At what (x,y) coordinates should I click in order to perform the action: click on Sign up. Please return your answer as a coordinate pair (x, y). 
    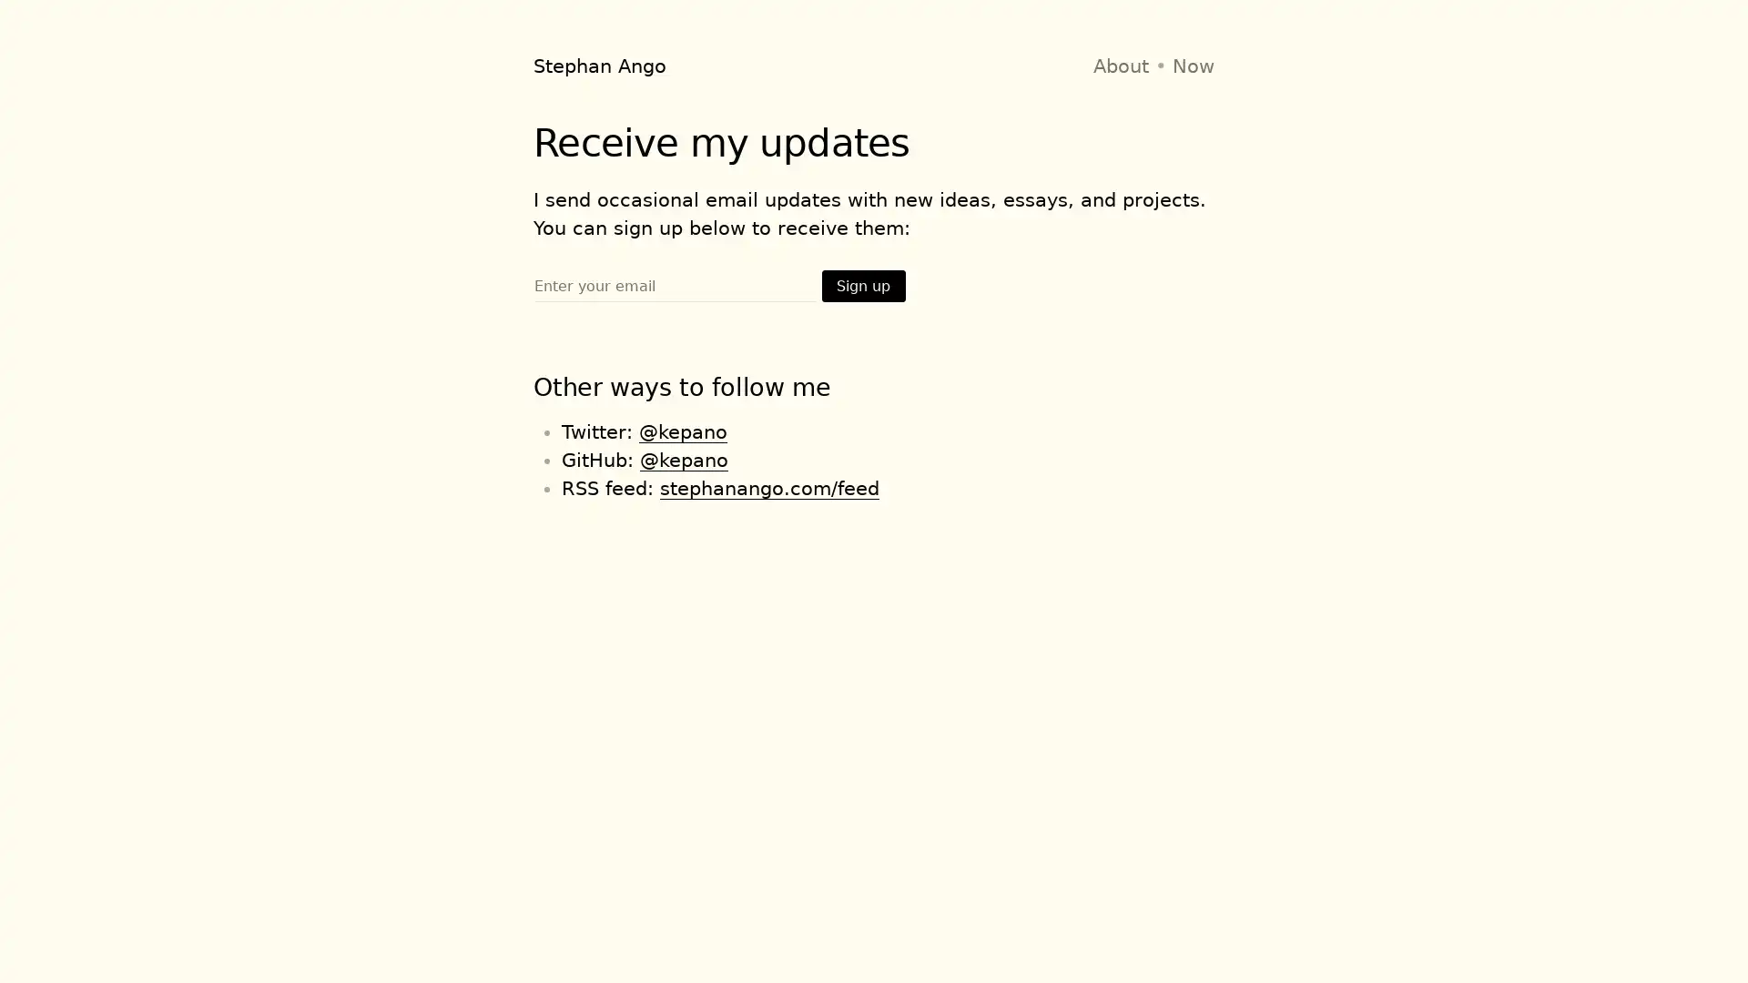
    Looking at the image, I should click on (862, 285).